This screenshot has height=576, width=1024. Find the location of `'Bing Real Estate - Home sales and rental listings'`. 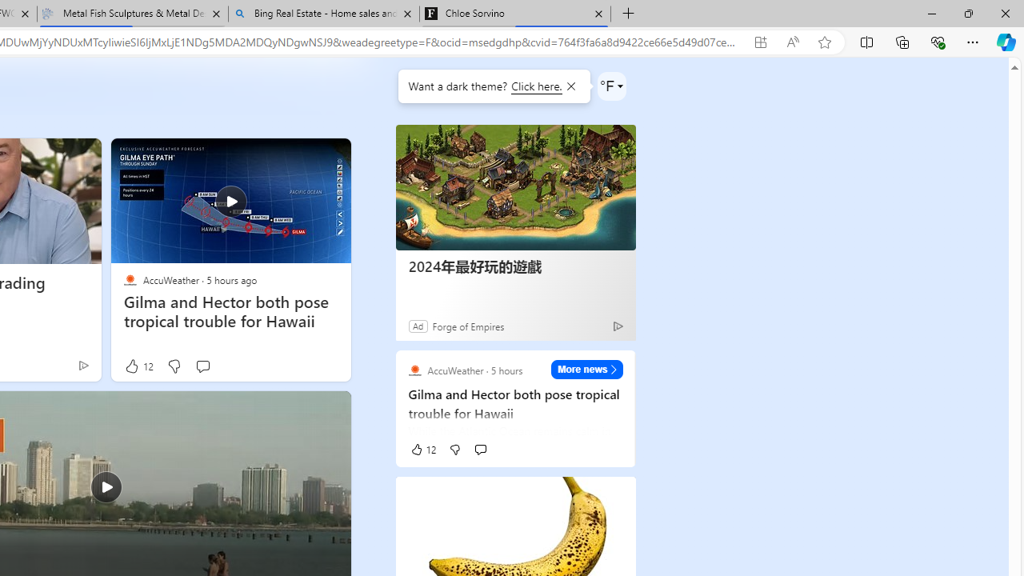

'Bing Real Estate - Home sales and rental listings' is located at coordinates (322, 14).